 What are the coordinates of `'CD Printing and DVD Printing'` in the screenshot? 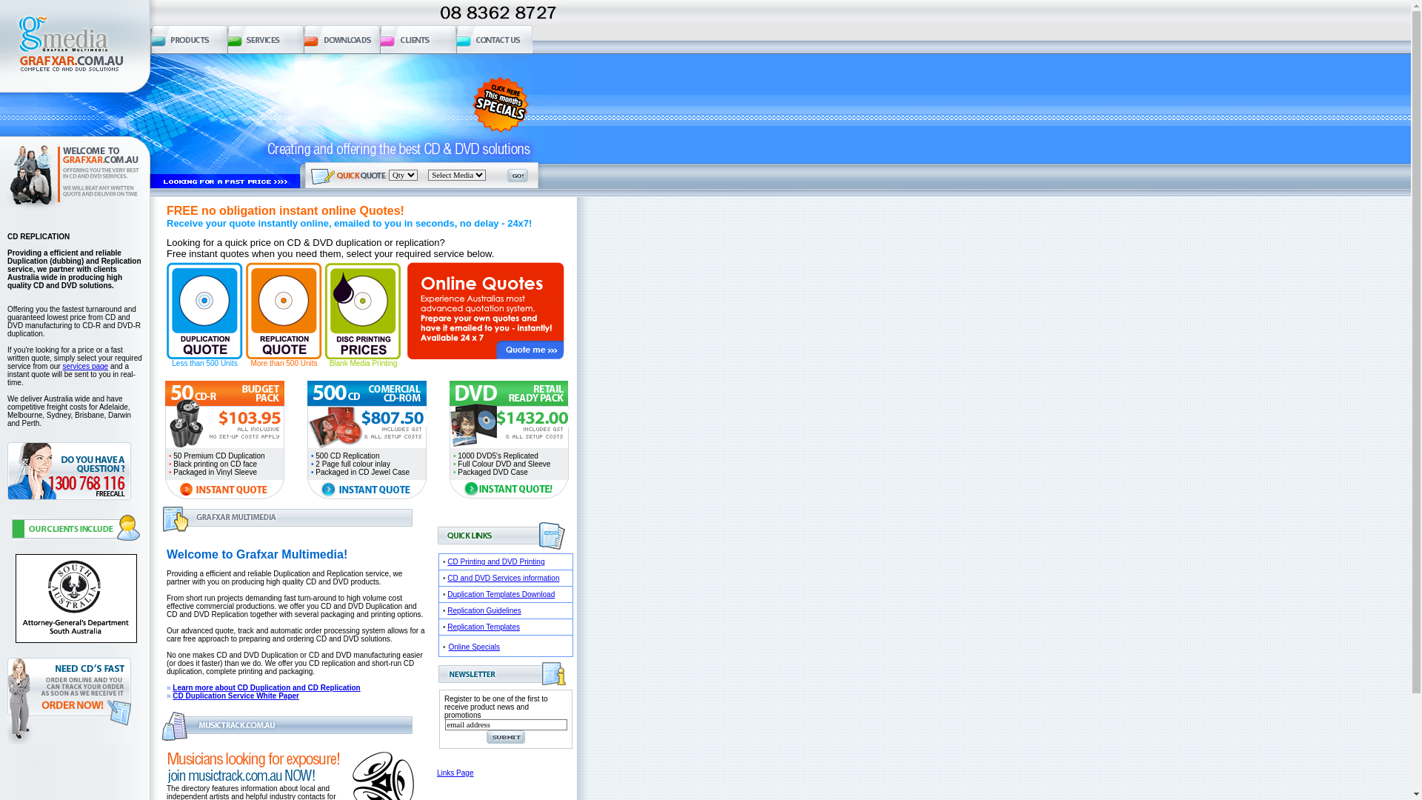 It's located at (495, 561).